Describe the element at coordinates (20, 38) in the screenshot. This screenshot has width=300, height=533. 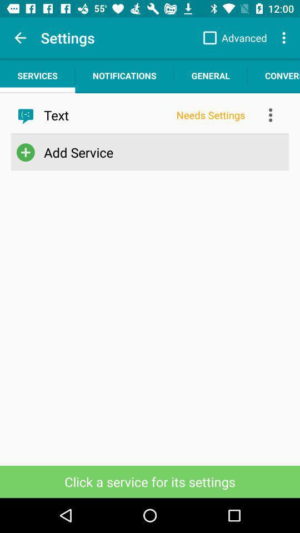
I see `icon to the left of settings app` at that location.